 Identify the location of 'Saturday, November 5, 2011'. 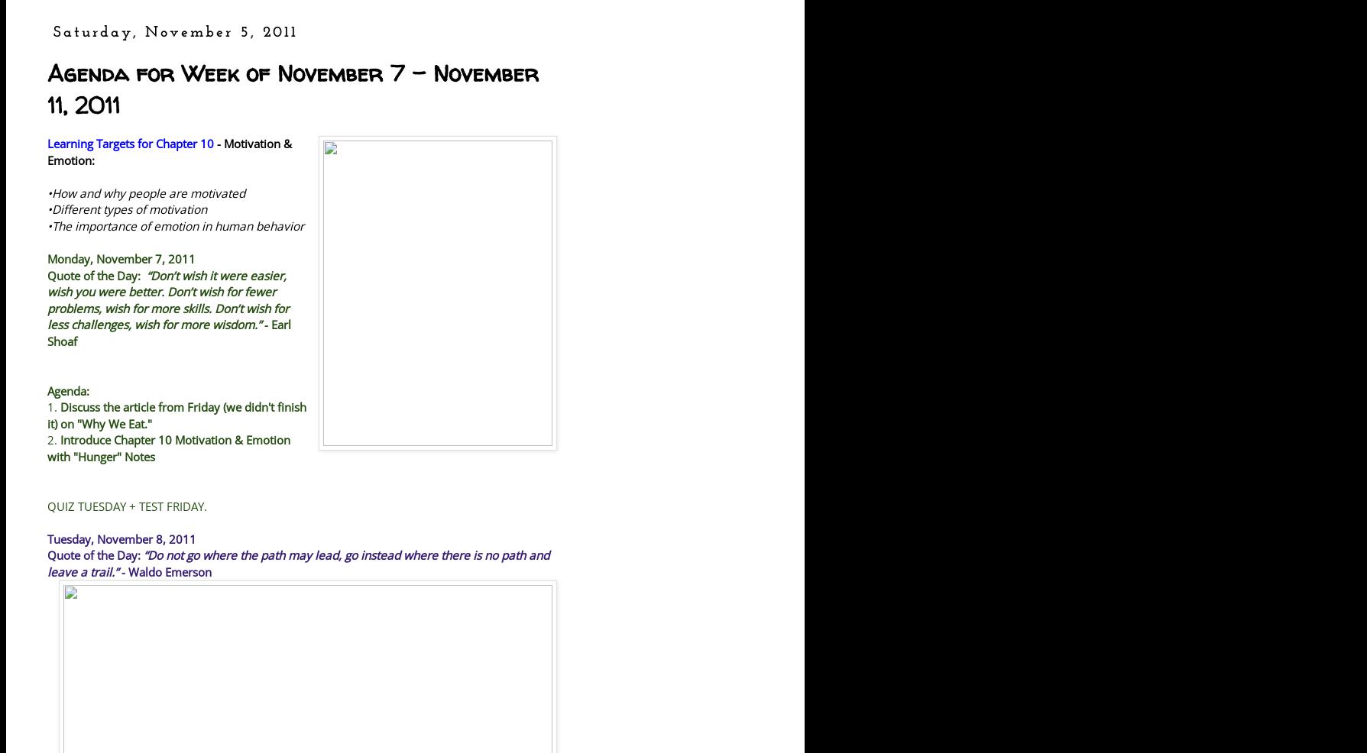
(176, 31).